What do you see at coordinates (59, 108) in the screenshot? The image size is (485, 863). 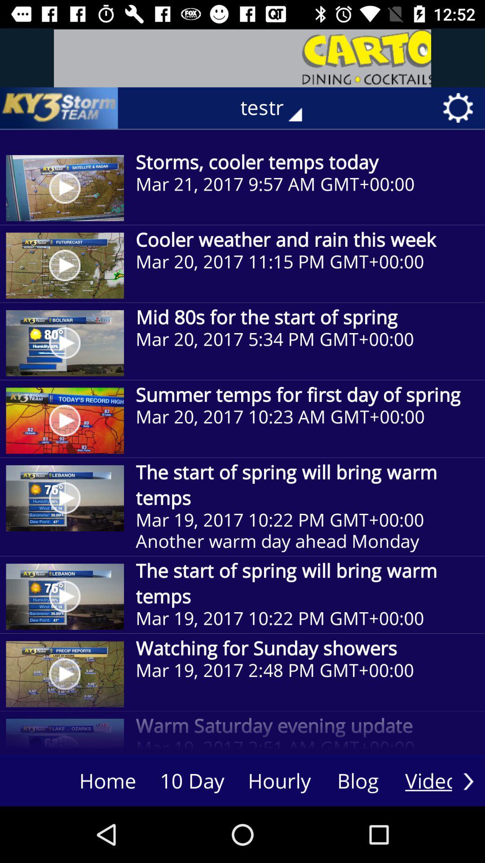 I see `item to the left of the testr` at bounding box center [59, 108].